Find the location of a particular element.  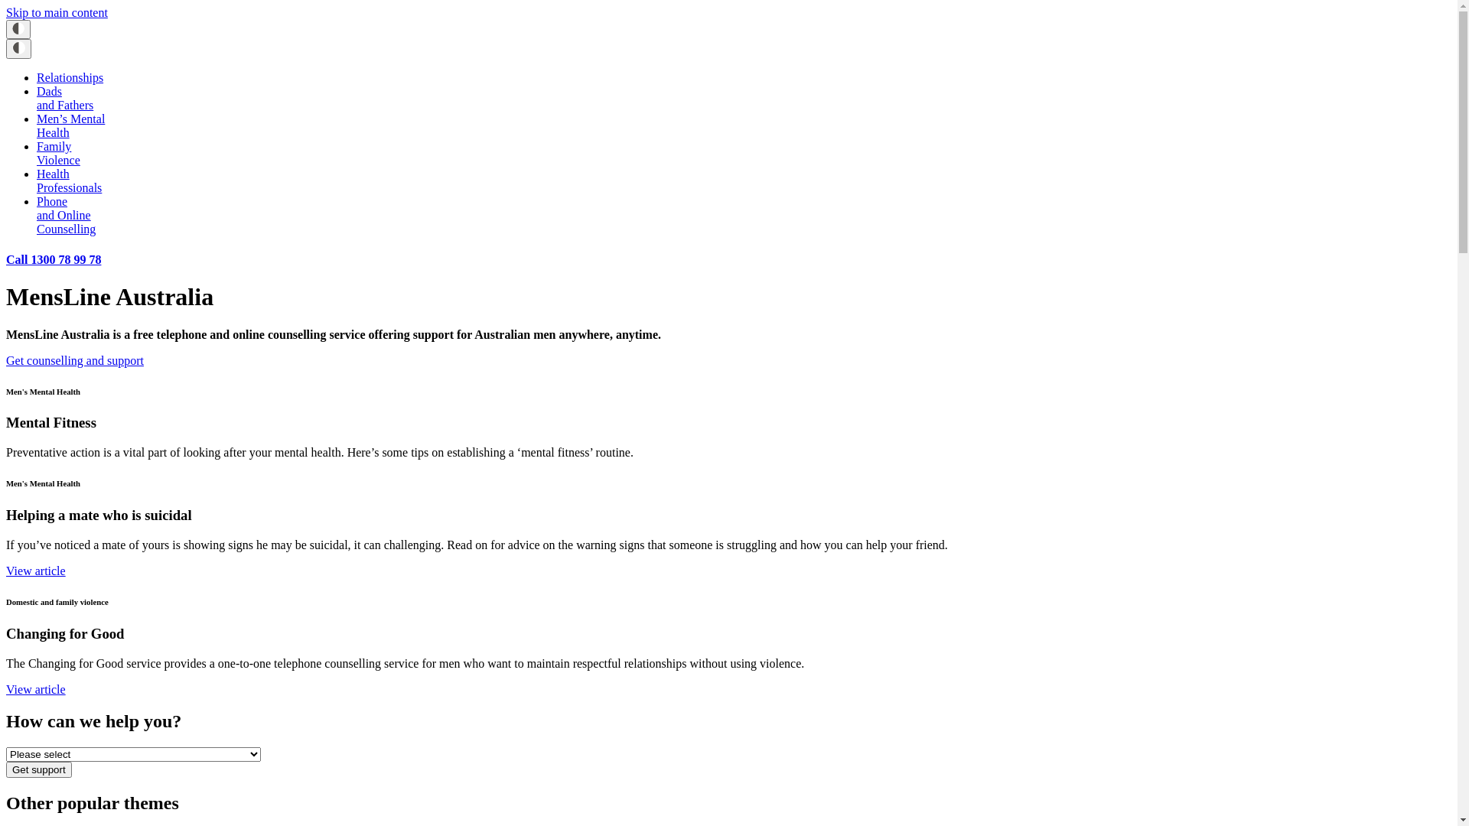

'View article' is located at coordinates (36, 571).